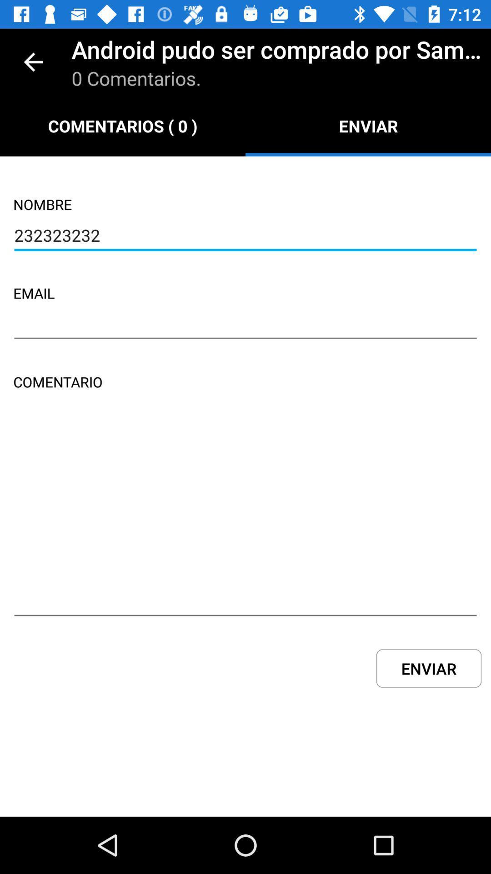 Image resolution: width=491 pixels, height=874 pixels. What do you see at coordinates (245, 325) in the screenshot?
I see `the item above comentario item` at bounding box center [245, 325].